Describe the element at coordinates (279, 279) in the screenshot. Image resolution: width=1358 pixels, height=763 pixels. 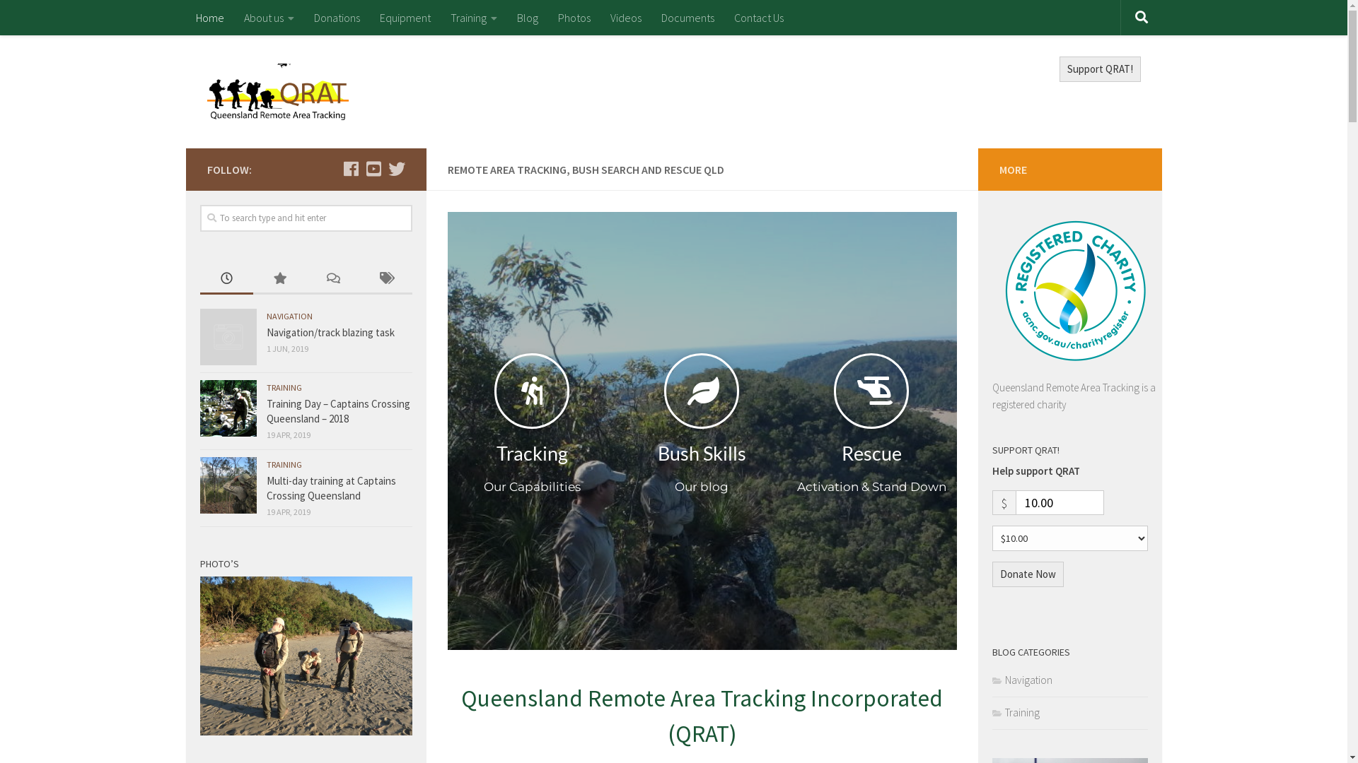
I see `'Popular Posts'` at that location.